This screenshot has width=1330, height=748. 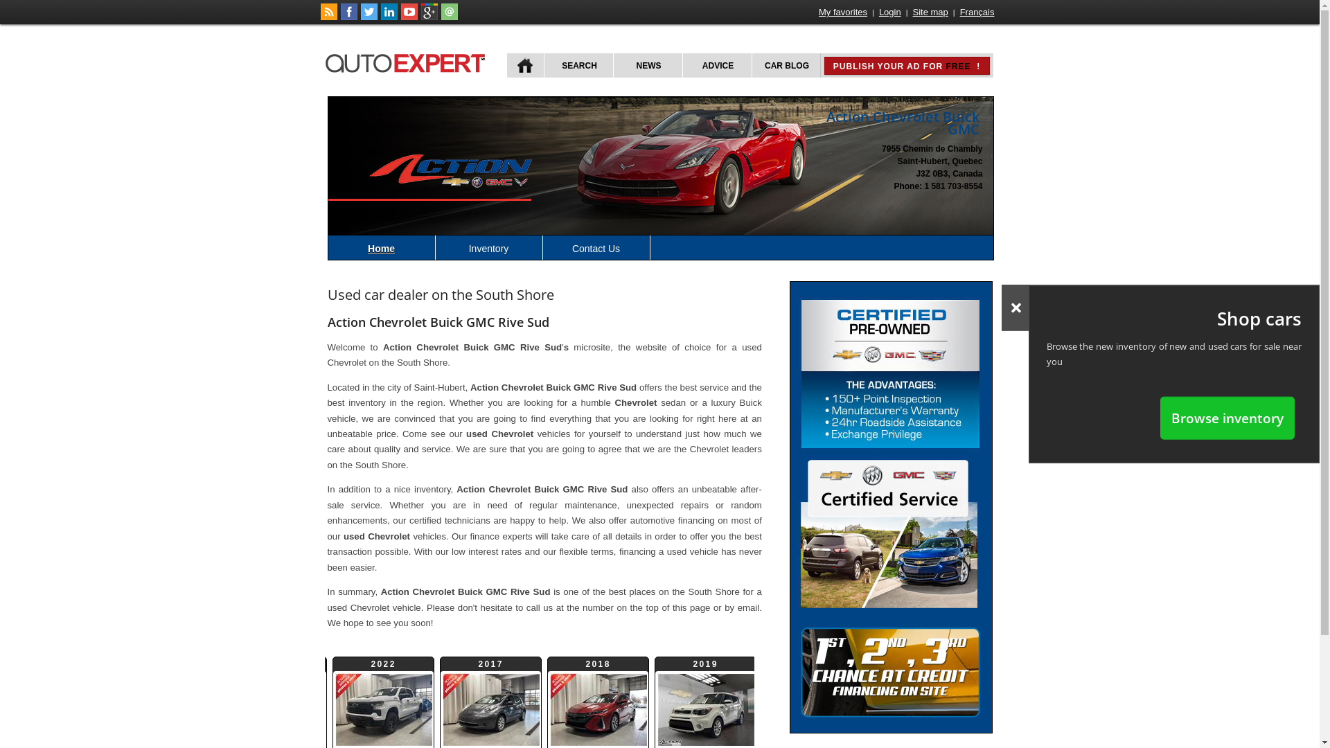 I want to click on 'NEWS', so click(x=646, y=65).